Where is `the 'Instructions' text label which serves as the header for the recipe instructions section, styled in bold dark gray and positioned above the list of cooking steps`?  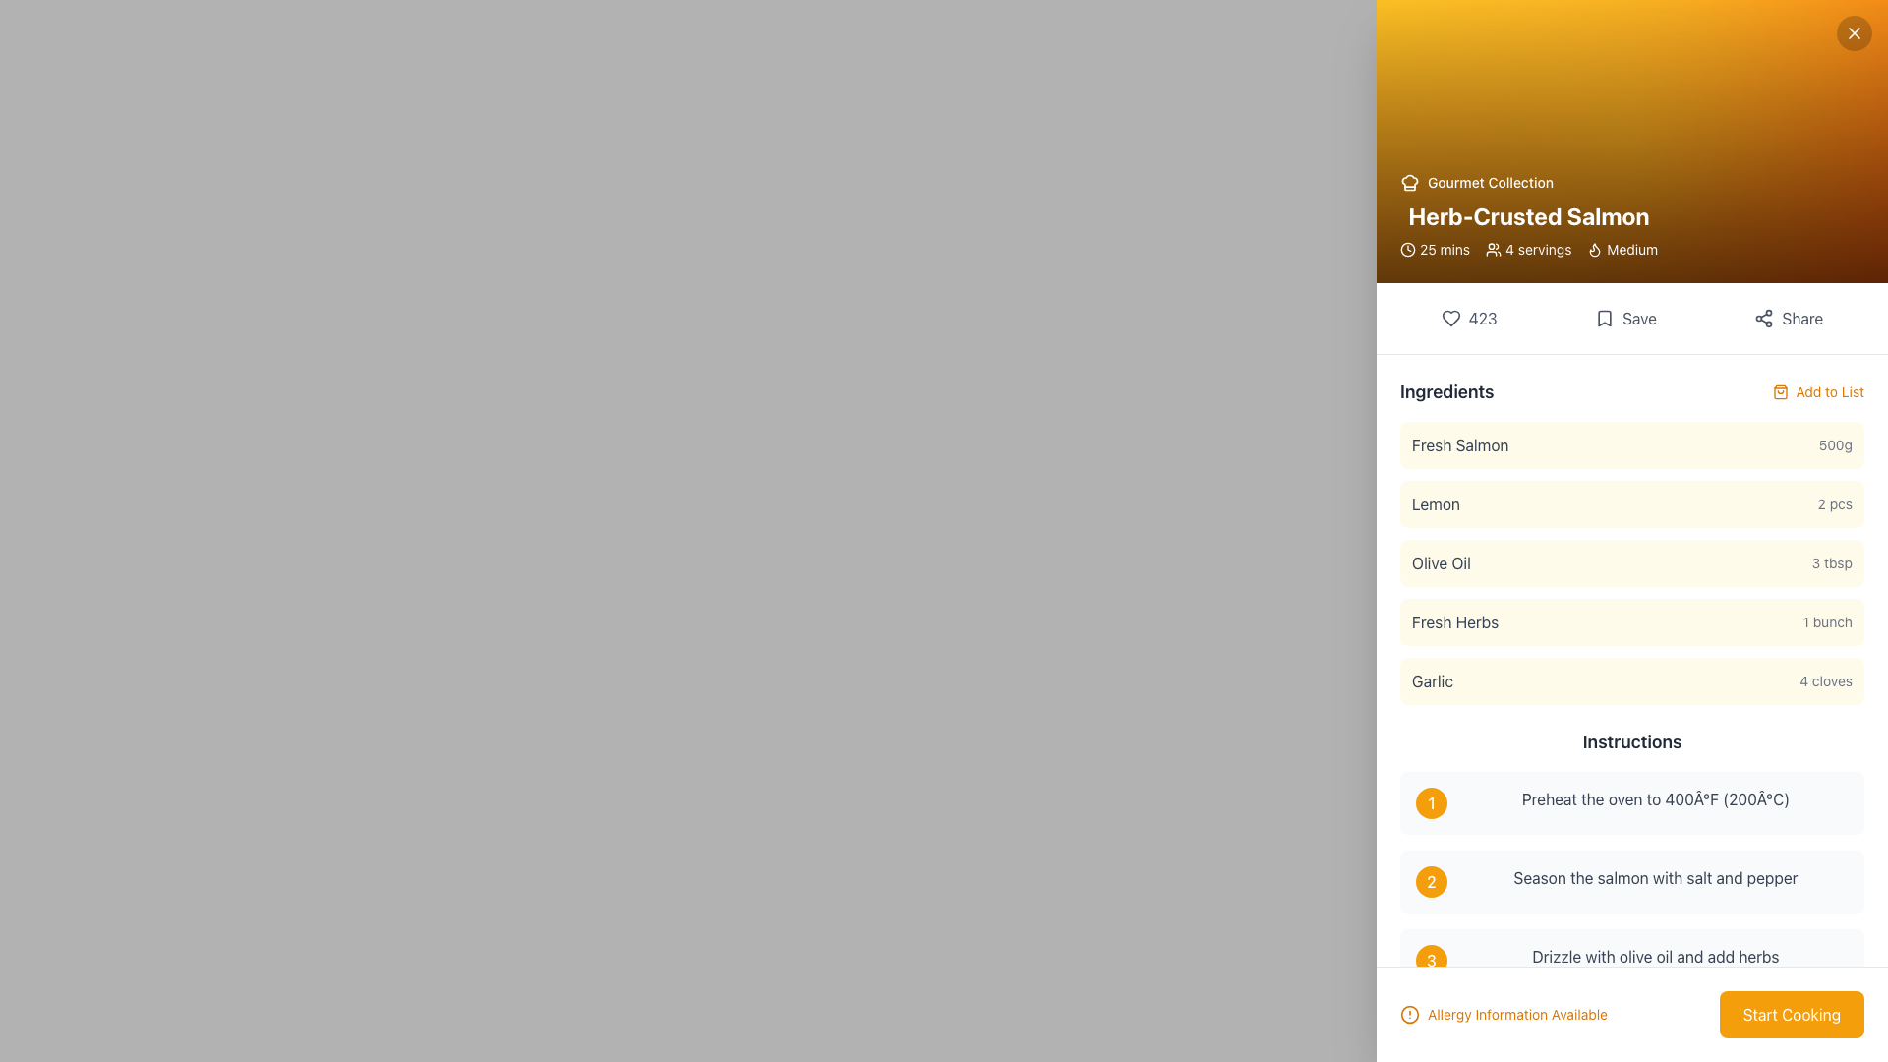 the 'Instructions' text label which serves as the header for the recipe instructions section, styled in bold dark gray and positioned above the list of cooking steps is located at coordinates (1632, 742).